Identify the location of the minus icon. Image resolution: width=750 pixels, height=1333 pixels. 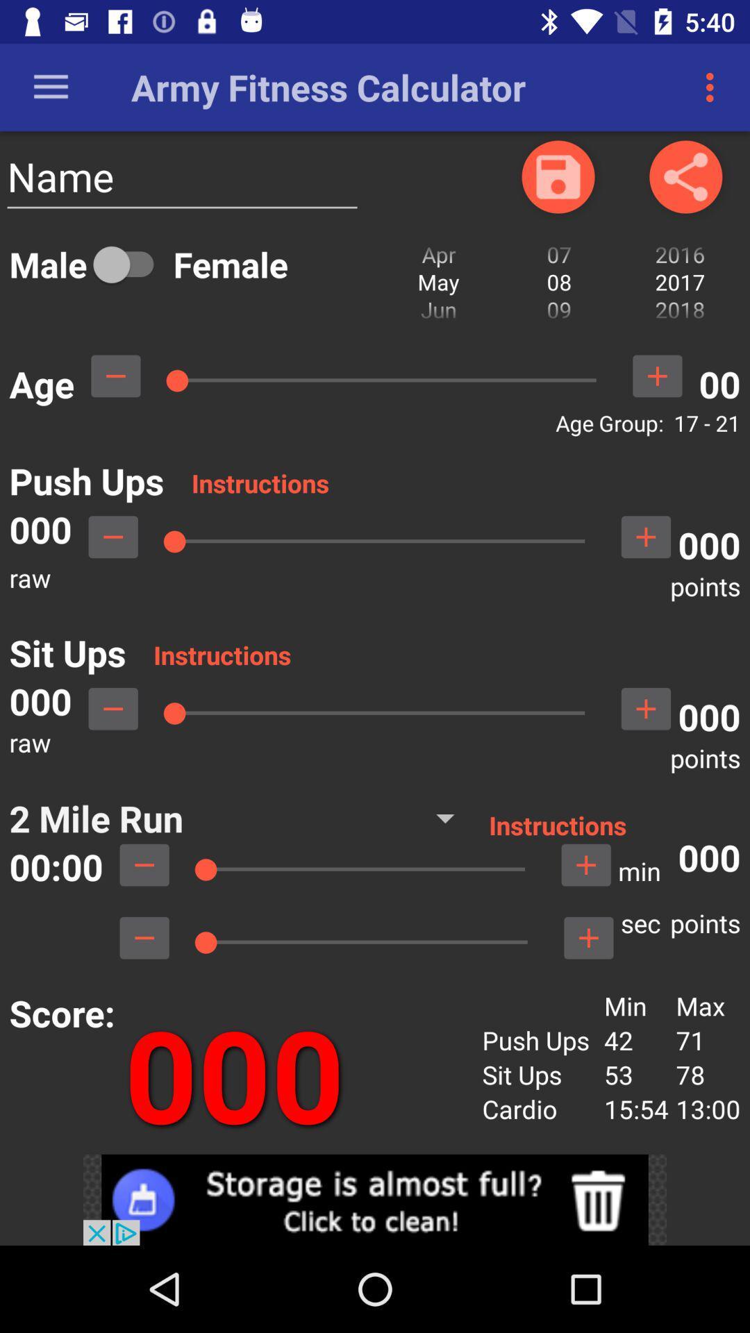
(112, 536).